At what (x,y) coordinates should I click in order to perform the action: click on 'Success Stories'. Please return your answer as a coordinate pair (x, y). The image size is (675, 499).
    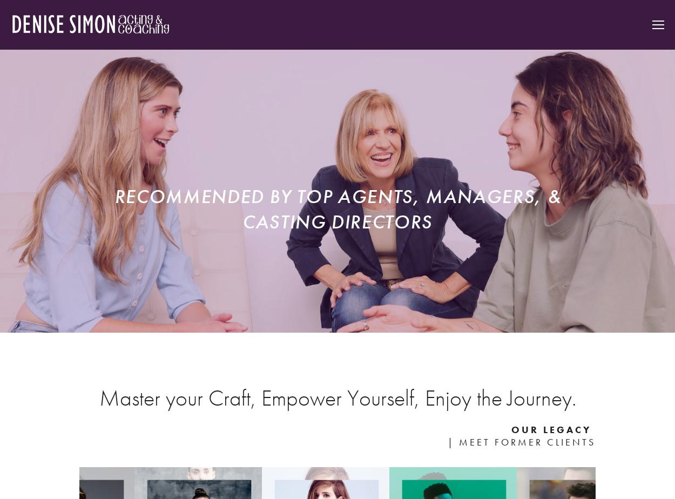
    Looking at the image, I should click on (589, 91).